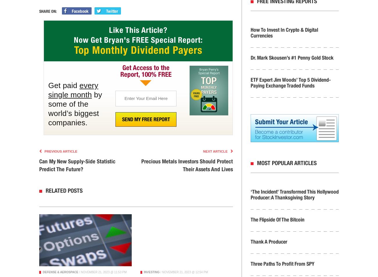 Image resolution: width=378 pixels, height=277 pixels. I want to click on 'Three Paths to Profit from SPY', so click(250, 264).